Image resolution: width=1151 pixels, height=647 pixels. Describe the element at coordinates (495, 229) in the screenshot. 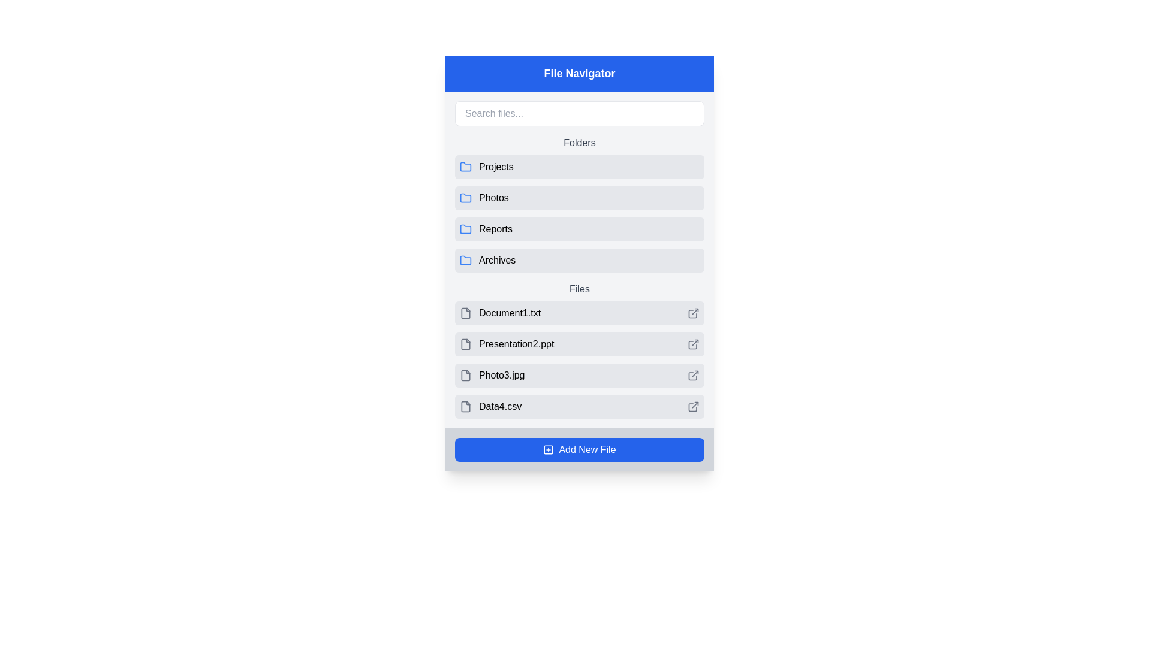

I see `the 'Reports' text label associated with the folder item` at that location.